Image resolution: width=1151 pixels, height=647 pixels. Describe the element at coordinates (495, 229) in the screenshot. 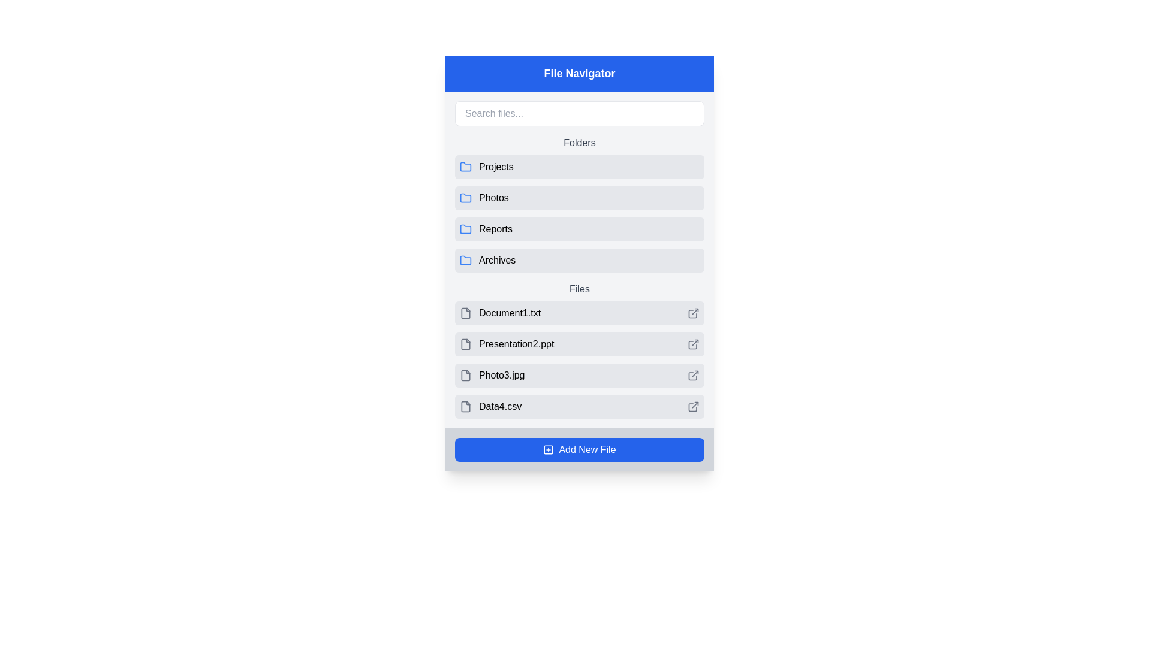

I see `the 'Reports' text label associated with the folder item` at that location.